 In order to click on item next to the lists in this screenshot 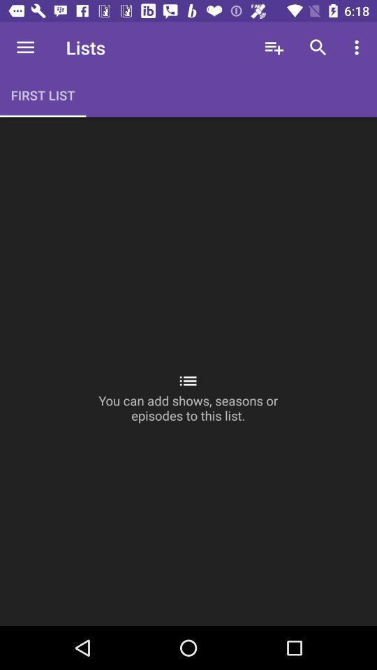, I will do `click(25, 47)`.